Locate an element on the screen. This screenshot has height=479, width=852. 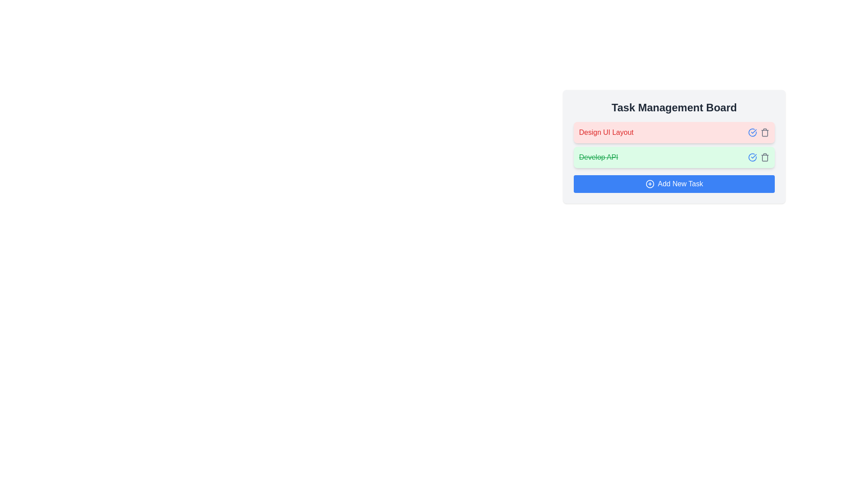
the red text label that boldly displays 'Design UI Layout', positioned near the top-left corner of its card in the Task Management Board interface is located at coordinates (606, 133).